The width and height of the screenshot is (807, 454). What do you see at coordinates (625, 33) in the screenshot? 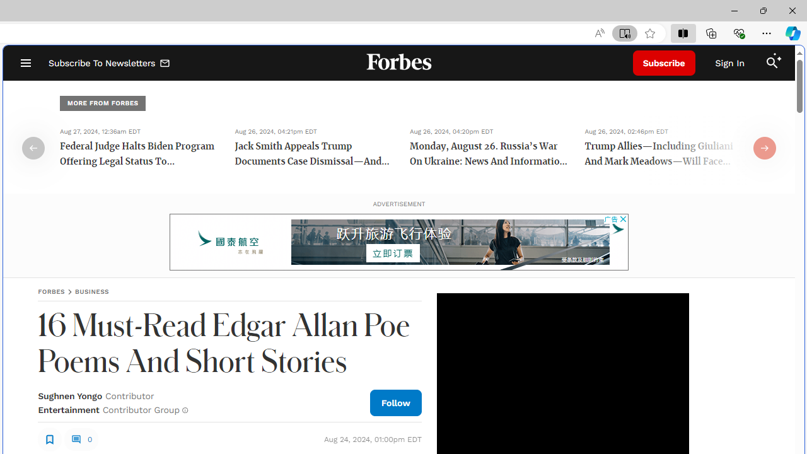
I see `'Enter Immersive Reader (F9)'` at bounding box center [625, 33].